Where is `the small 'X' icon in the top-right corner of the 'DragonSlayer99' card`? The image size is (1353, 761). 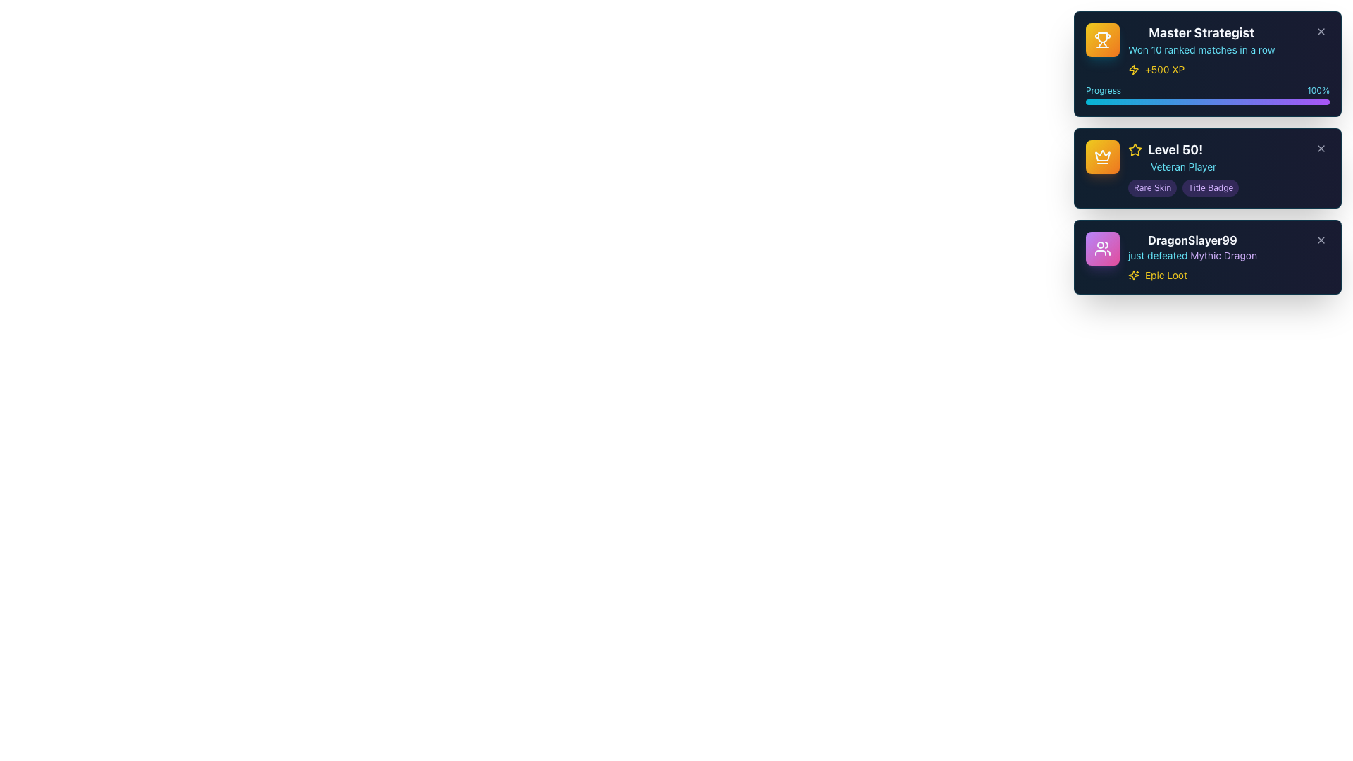 the small 'X' icon in the top-right corner of the 'DragonSlayer99' card is located at coordinates (1321, 239).